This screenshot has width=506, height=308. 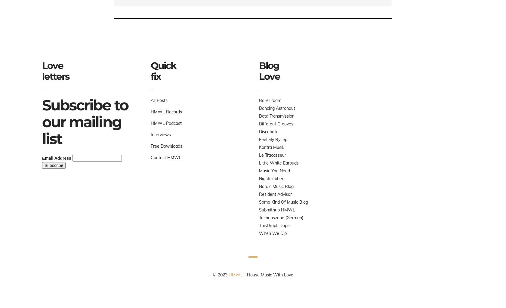 What do you see at coordinates (235, 275) in the screenshot?
I see `'HMWL'` at bounding box center [235, 275].